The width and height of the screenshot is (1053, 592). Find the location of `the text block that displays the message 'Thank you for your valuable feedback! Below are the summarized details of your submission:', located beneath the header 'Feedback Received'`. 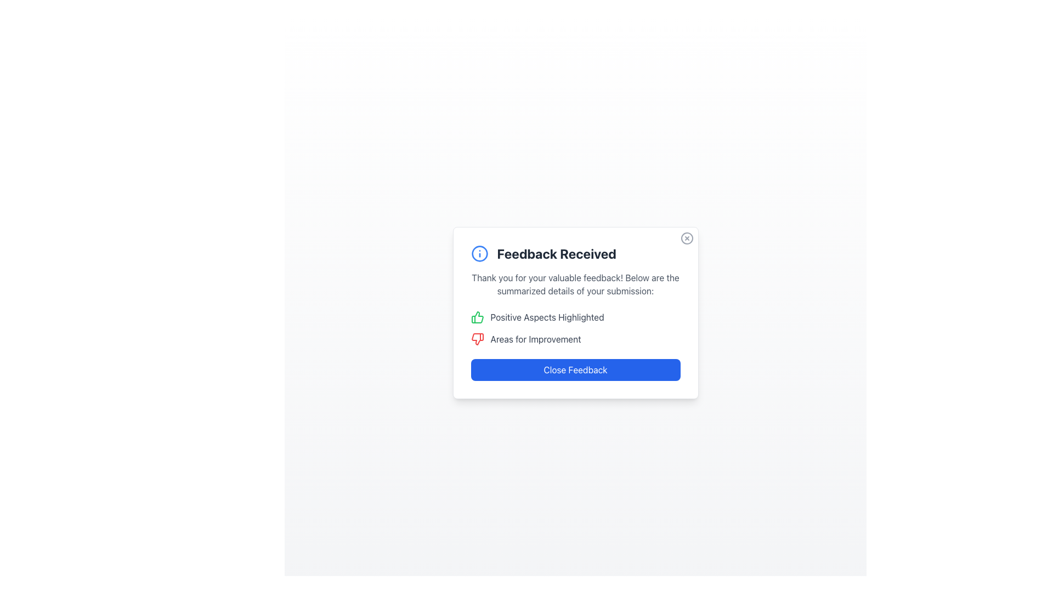

the text block that displays the message 'Thank you for your valuable feedback! Below are the summarized details of your submission:', located beneath the header 'Feedback Received' is located at coordinates (575, 284).